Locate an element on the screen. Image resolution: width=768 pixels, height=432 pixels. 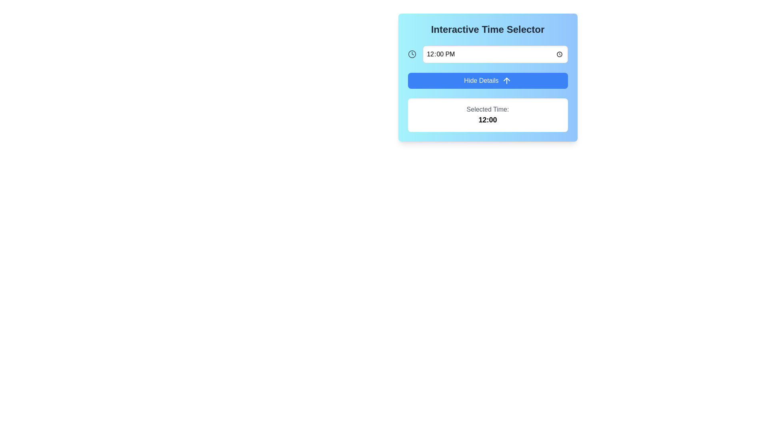
the 'Hide Details' button, which has a gradient blue background and is positioned centrally below the time input field is located at coordinates (487, 77).